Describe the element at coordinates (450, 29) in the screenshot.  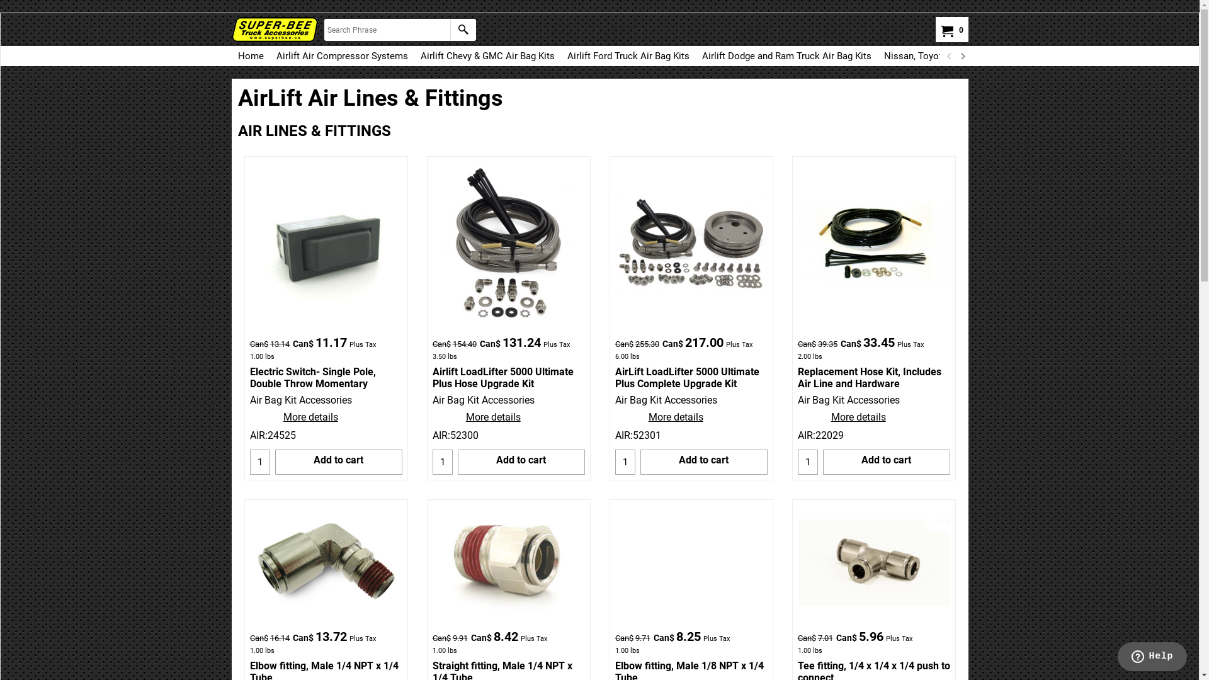
I see `'Find'` at that location.